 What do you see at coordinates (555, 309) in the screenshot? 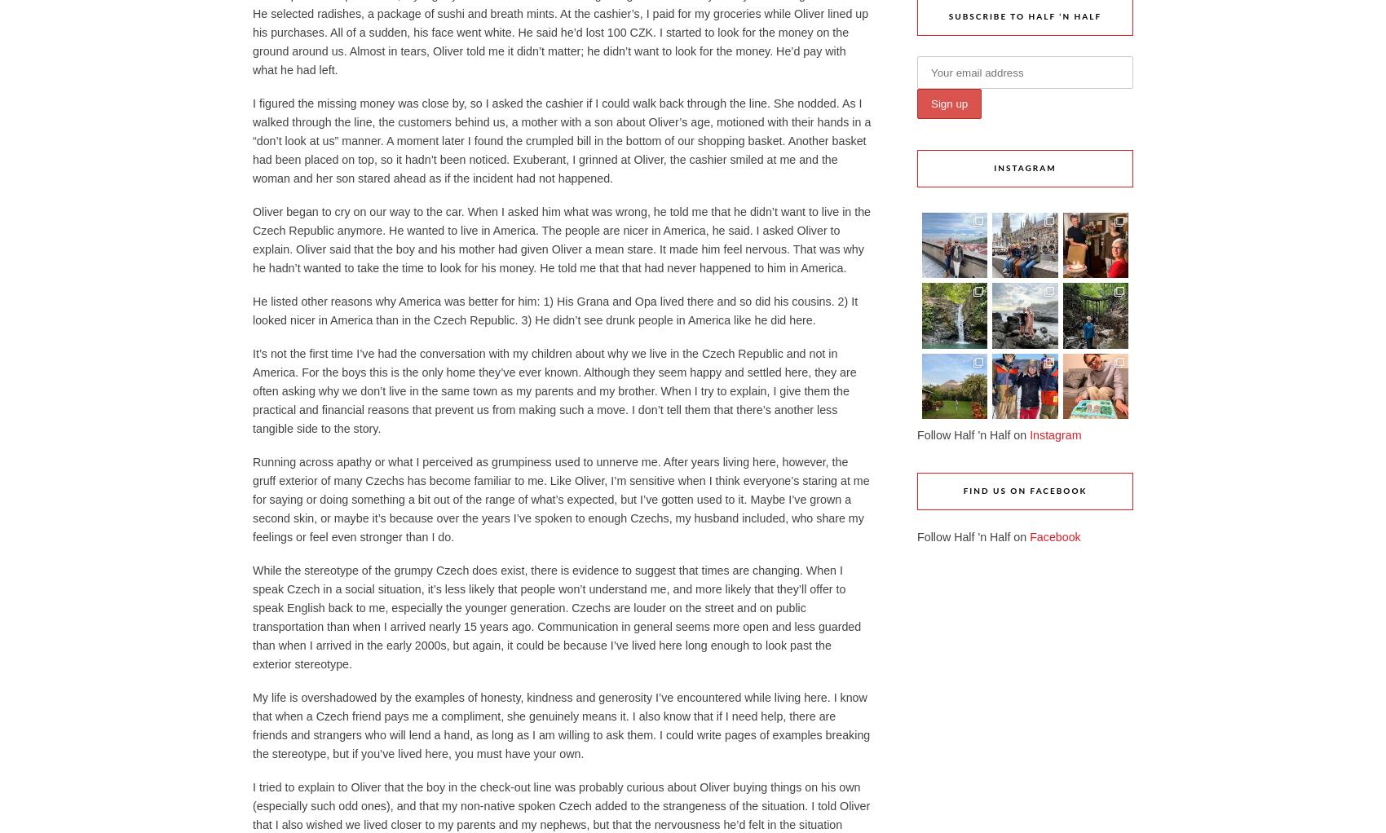
I see `'He listed other reasons why America was better for him: 1) His Grana and Opa lived there and so did his cousins. 2) It looked nicer in America than in the Czech Republic. 3) He didn’t see drunk people in America like he did here.'` at bounding box center [555, 309].